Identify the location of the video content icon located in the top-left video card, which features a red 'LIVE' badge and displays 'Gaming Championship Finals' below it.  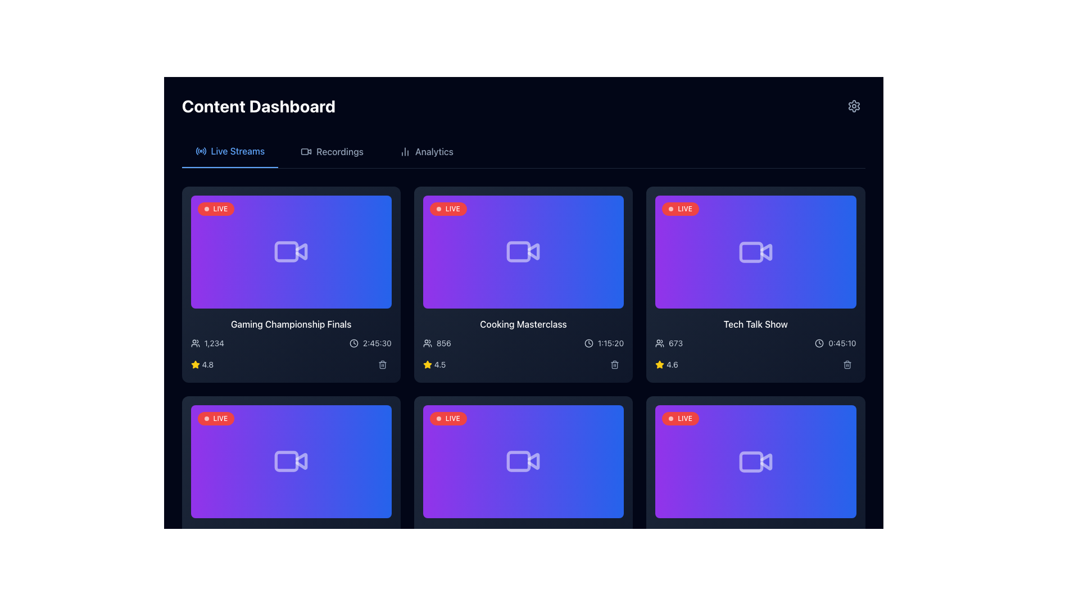
(291, 251).